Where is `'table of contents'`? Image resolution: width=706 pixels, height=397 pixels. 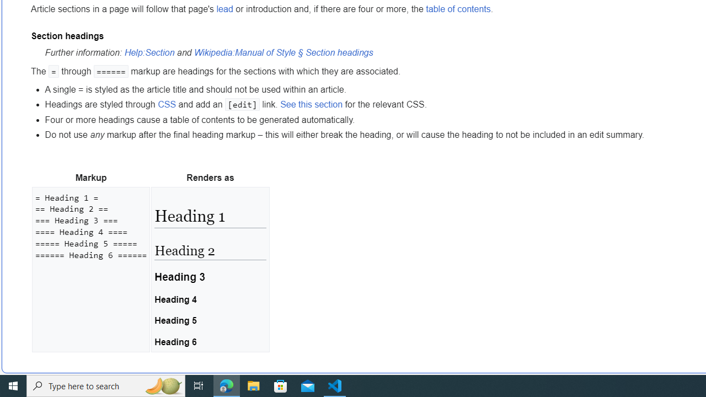 'table of contents' is located at coordinates (458, 9).